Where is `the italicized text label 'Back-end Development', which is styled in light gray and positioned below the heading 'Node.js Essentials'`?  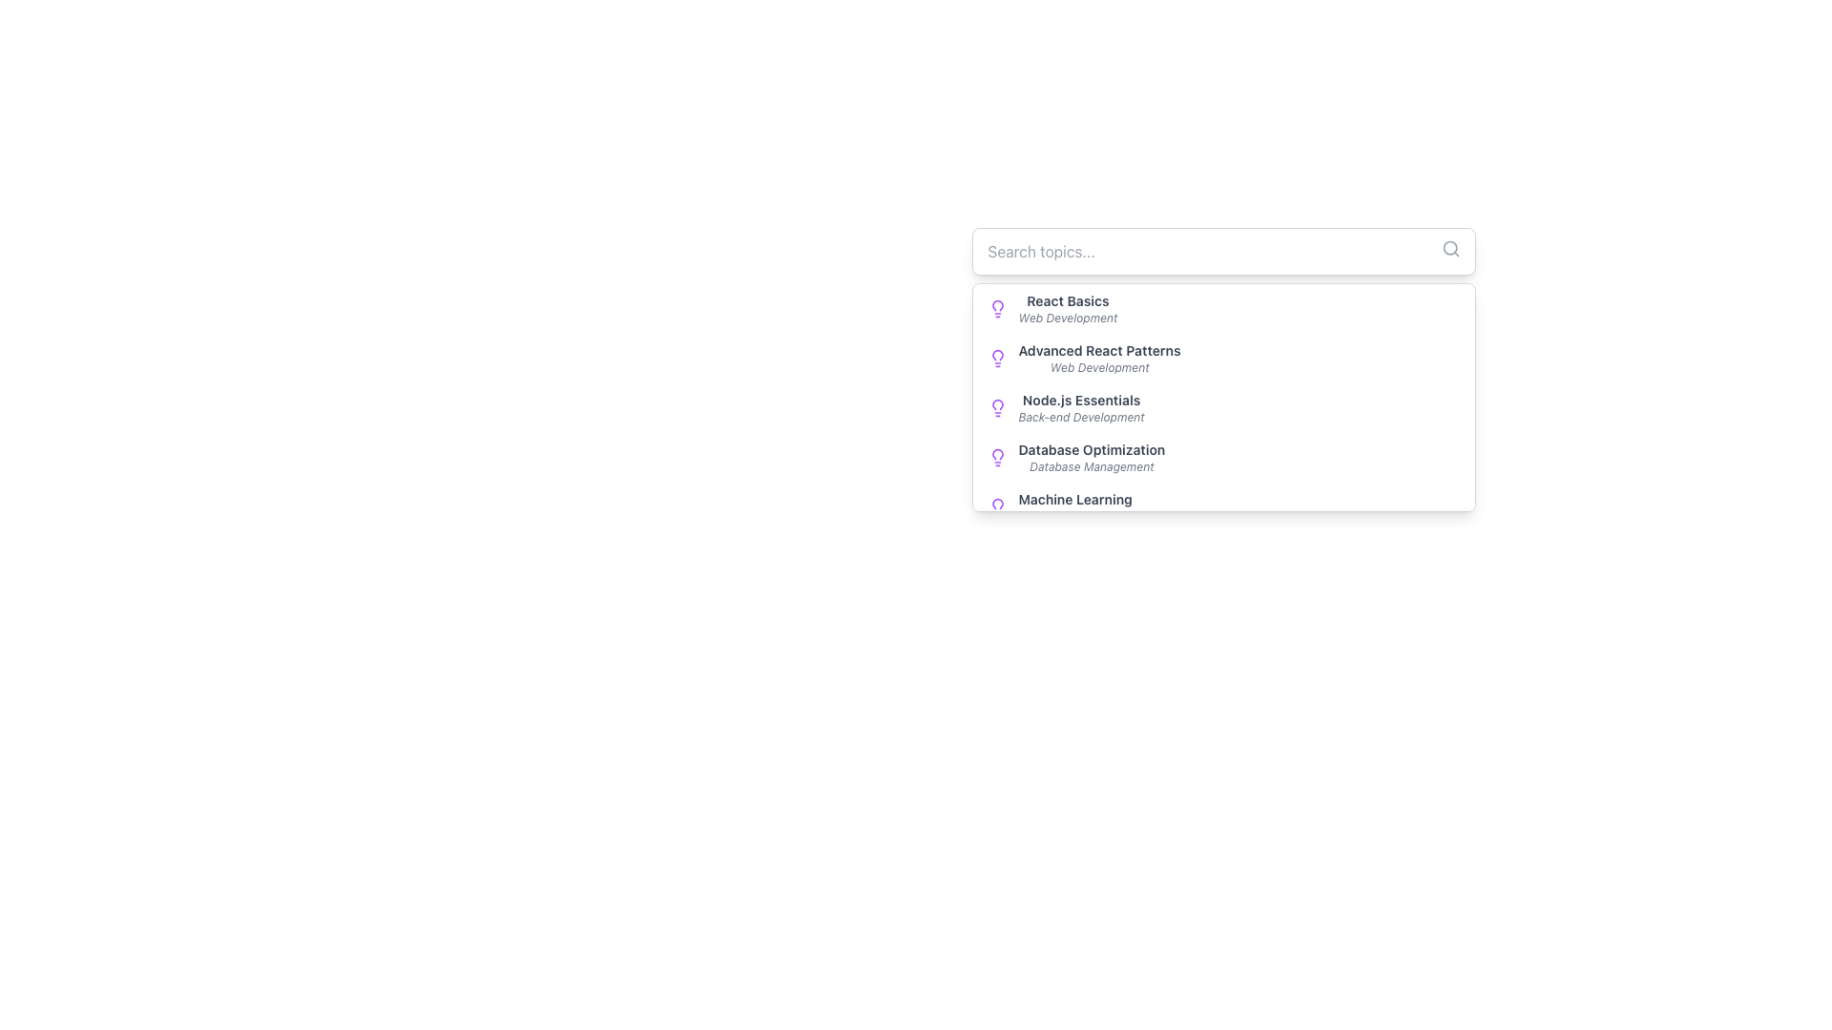 the italicized text label 'Back-end Development', which is styled in light gray and positioned below the heading 'Node.js Essentials' is located at coordinates (1081, 417).